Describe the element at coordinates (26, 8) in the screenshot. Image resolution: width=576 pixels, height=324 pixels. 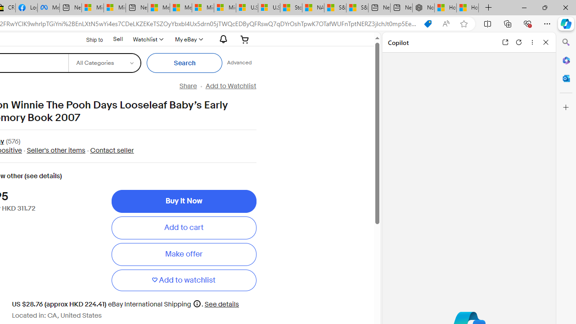
I see `'Log into Facebook'` at that location.